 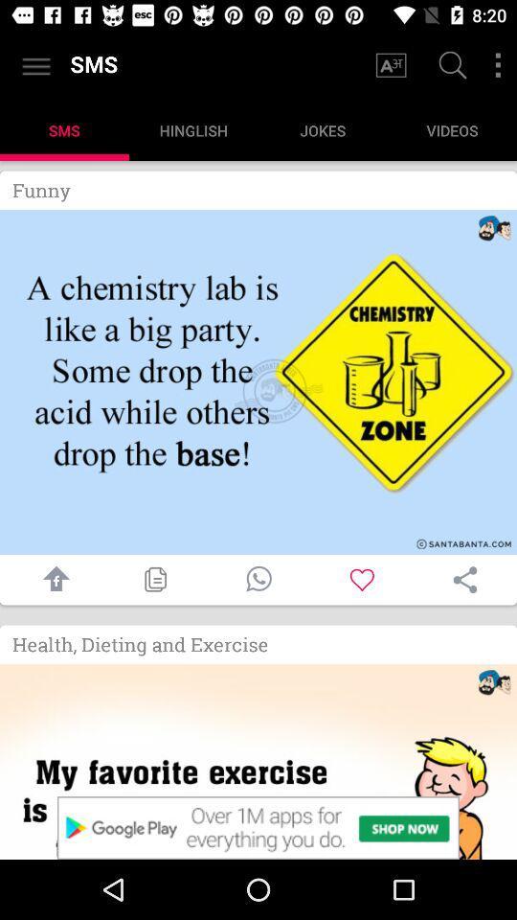 I want to click on sms to favorites, so click(x=362, y=579).